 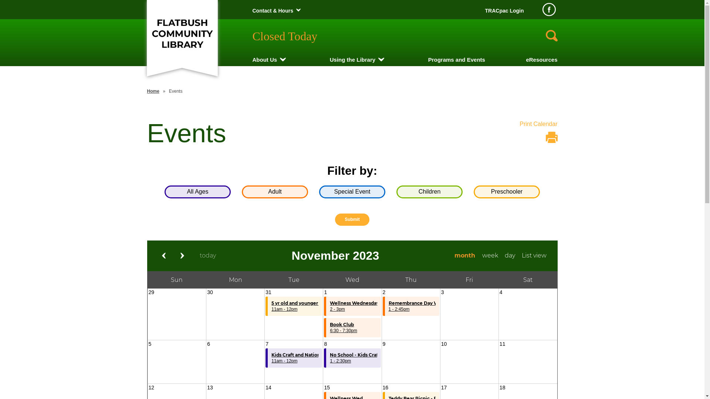 I want to click on 'today', so click(x=207, y=255).